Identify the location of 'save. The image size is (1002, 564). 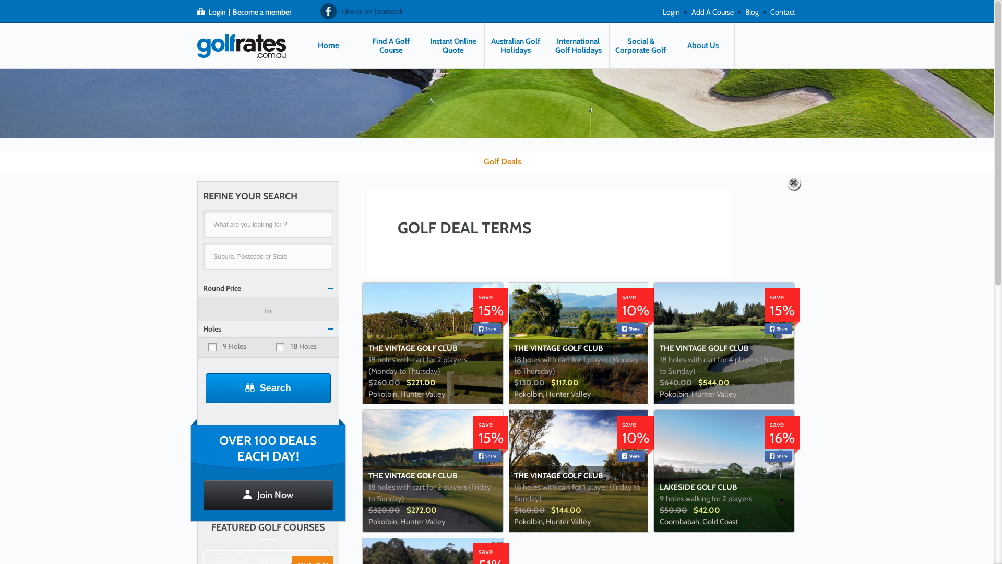
(635, 307).